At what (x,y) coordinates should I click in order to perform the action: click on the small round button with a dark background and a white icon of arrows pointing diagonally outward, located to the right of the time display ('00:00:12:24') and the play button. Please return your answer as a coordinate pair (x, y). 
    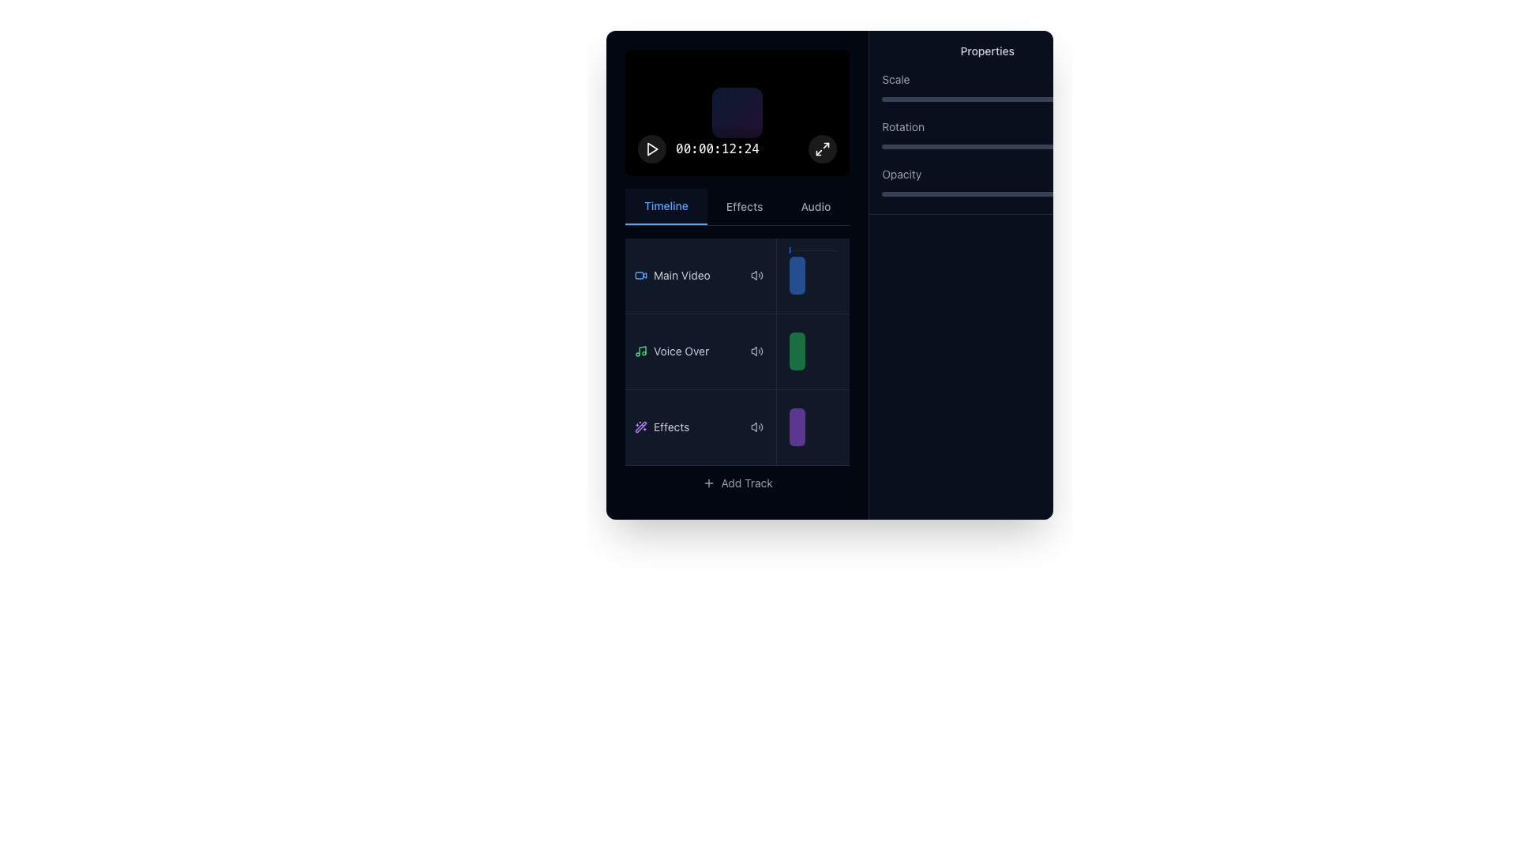
    Looking at the image, I should click on (822, 148).